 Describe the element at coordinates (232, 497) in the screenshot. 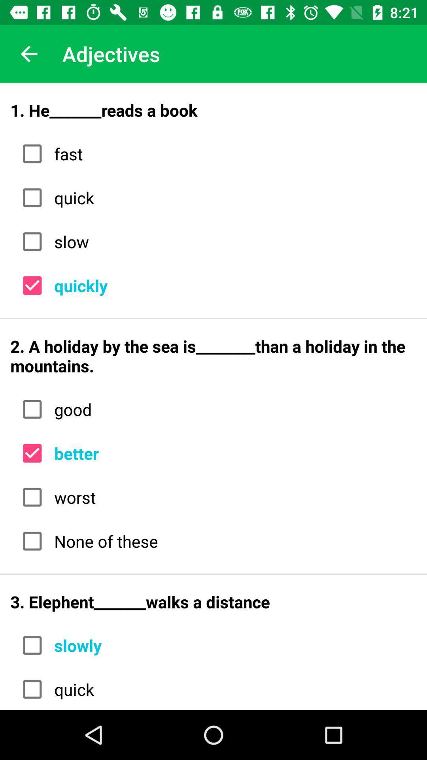

I see `the worst` at that location.